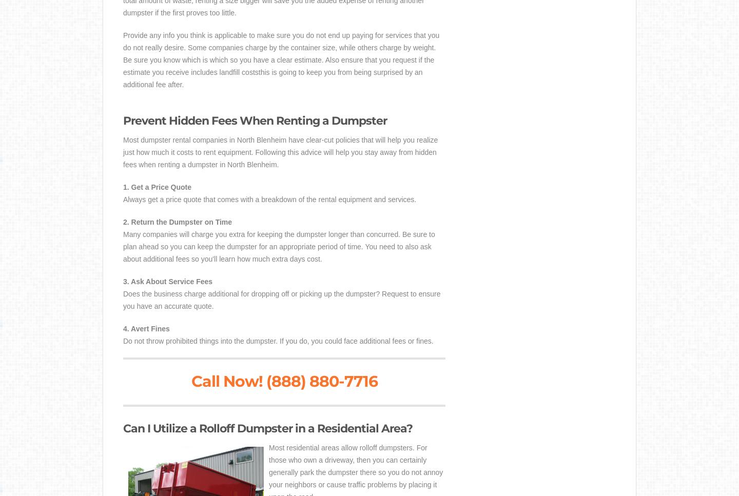 Image resolution: width=739 pixels, height=496 pixels. What do you see at coordinates (279, 246) in the screenshot?
I see `'Many companies will charge you extra for keeping the dumpster longer than concurred. Be sure to plan ahead so you can keep the dumpster for an appropriate period of time. You need to also ask about additional fees so you'll learn how much extra days cost.'` at bounding box center [279, 246].